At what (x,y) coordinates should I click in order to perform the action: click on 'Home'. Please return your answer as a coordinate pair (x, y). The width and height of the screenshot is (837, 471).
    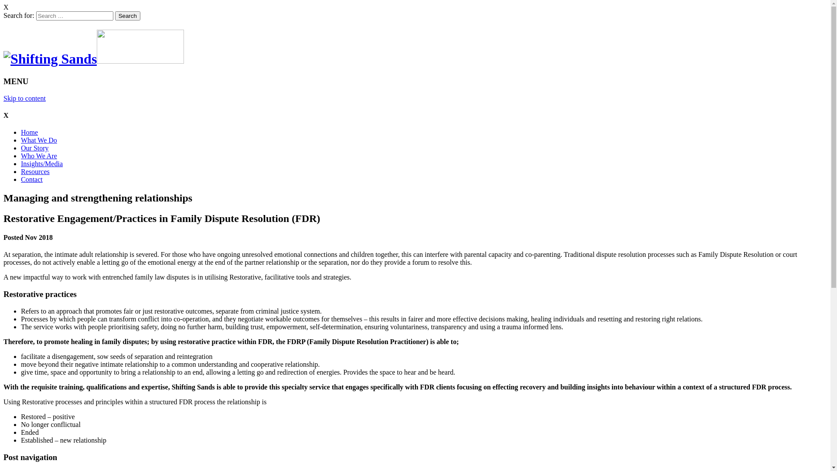
    Looking at the image, I should click on (29, 132).